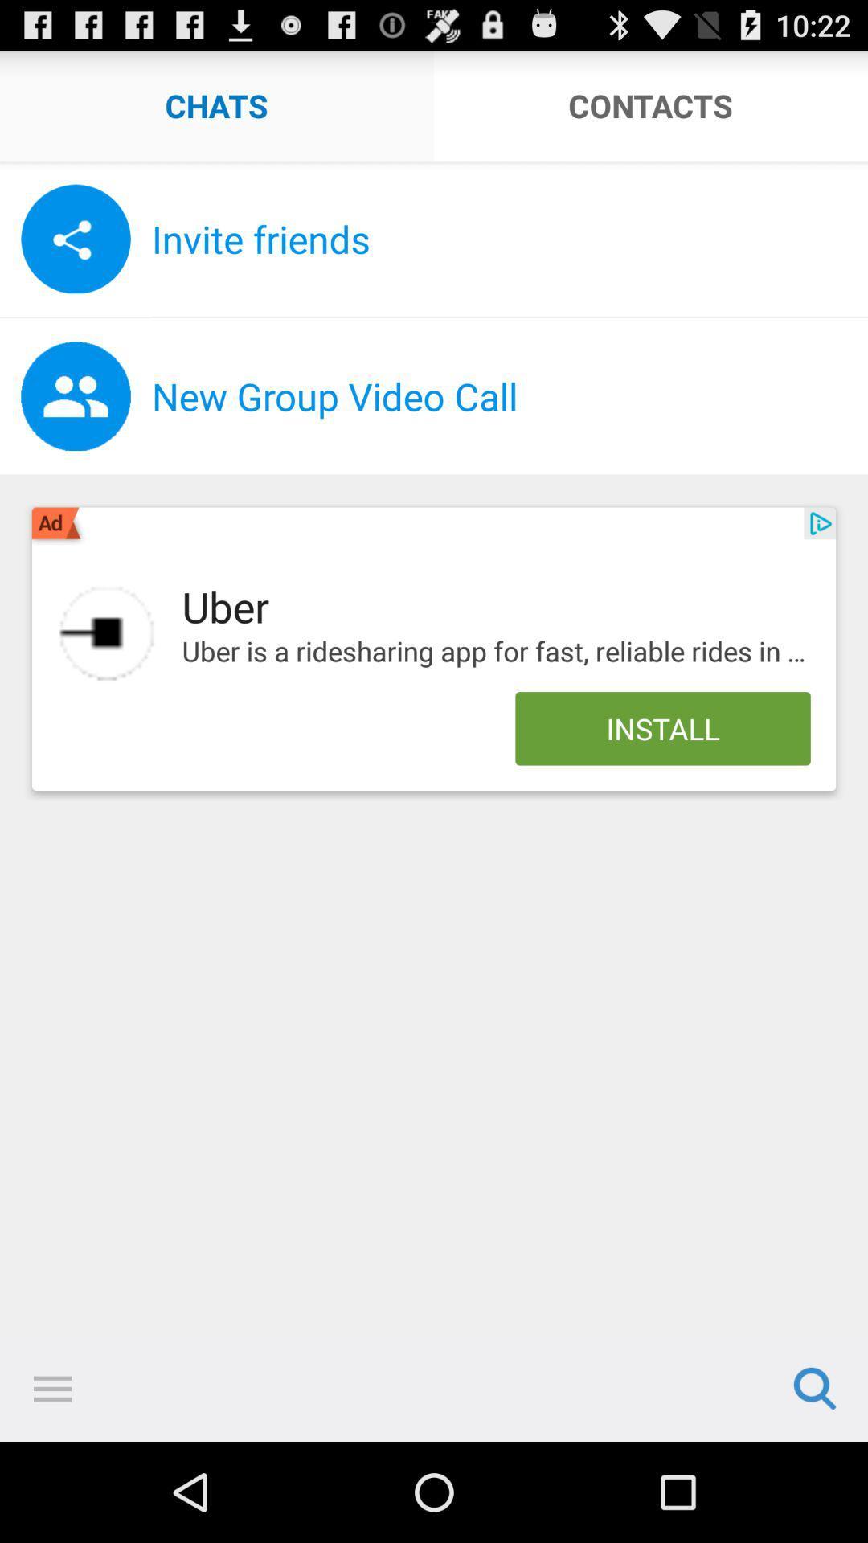 The image size is (868, 1543). What do you see at coordinates (510, 238) in the screenshot?
I see `the invite friends` at bounding box center [510, 238].